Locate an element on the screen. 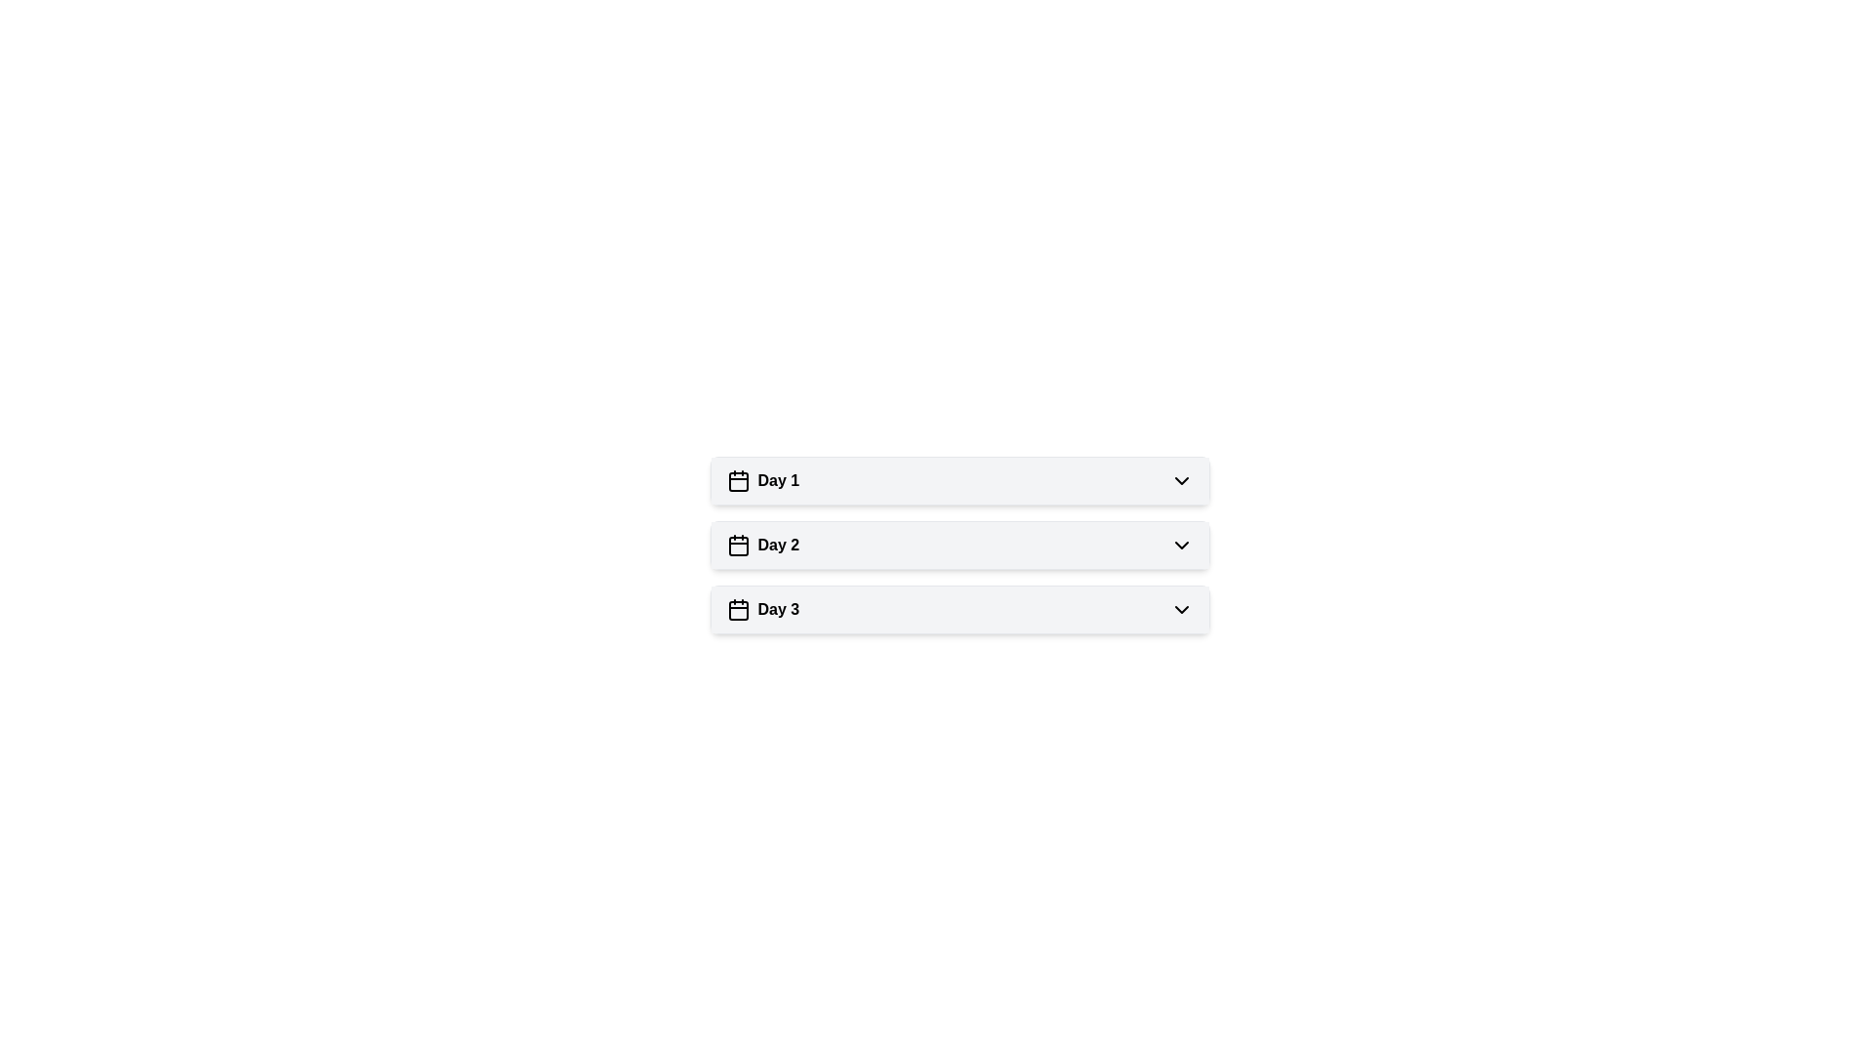 This screenshot has height=1054, width=1874. the selectable list item labeled 'Day 3', which is the third entry in a vertical stack of items, located under 'Day 1' and 'Day 2' is located at coordinates (959, 608).